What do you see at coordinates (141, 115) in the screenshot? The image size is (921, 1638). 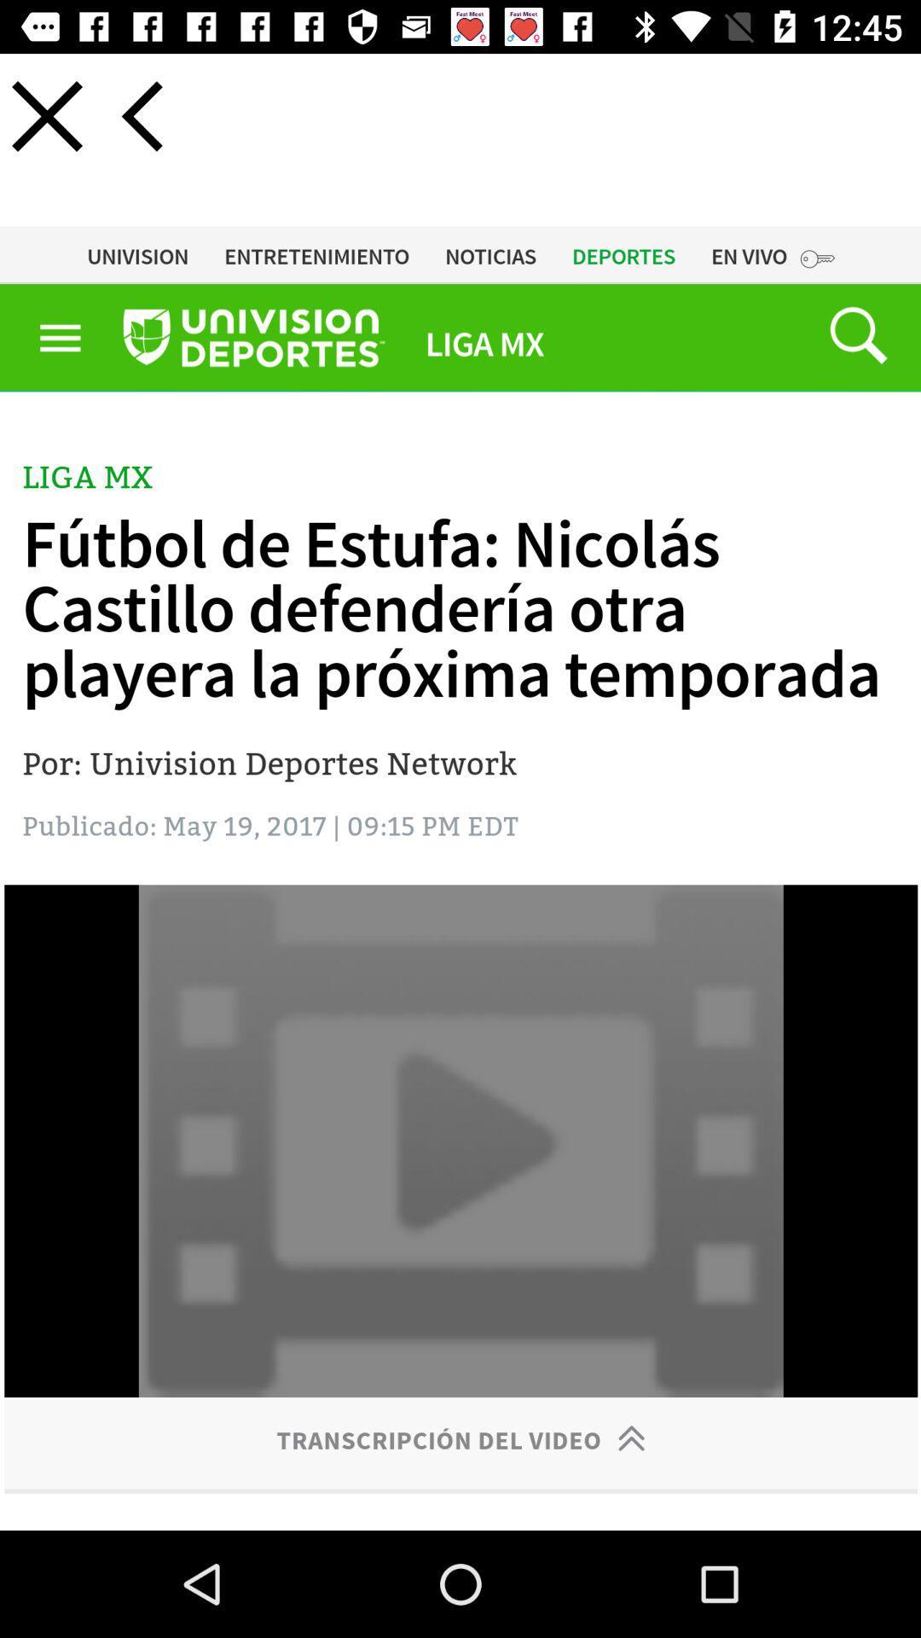 I see `back farce` at bounding box center [141, 115].